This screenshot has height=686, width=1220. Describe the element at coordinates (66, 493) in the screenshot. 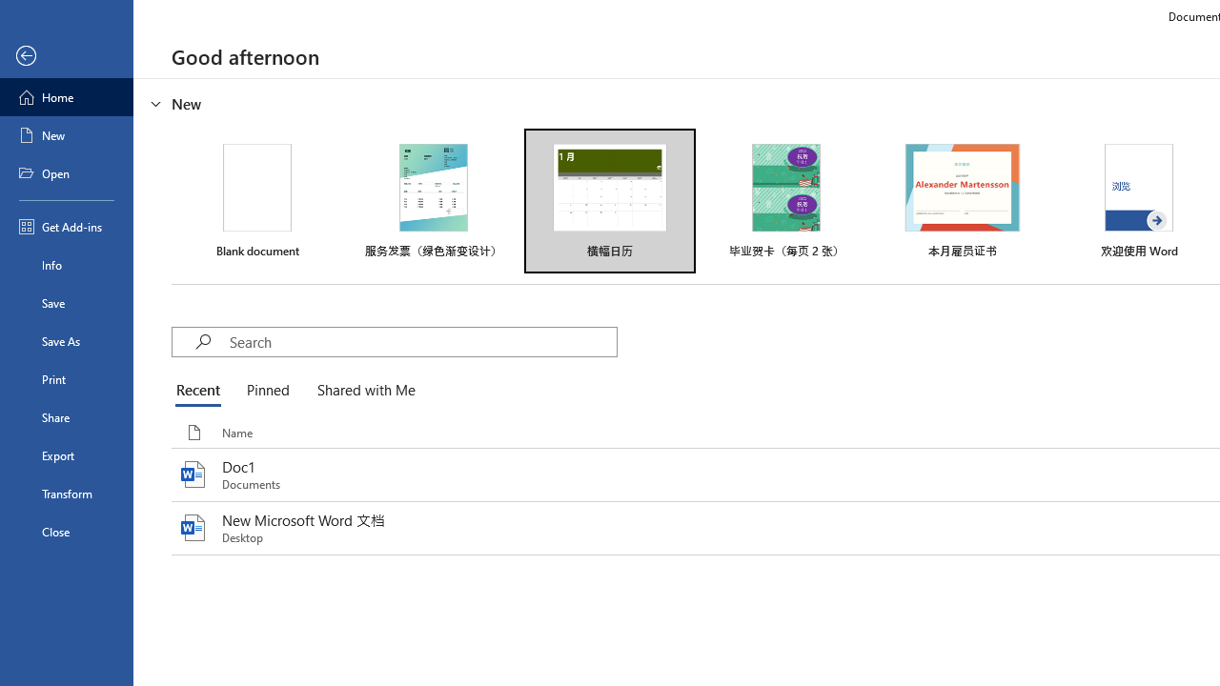

I see `'Transform'` at that location.